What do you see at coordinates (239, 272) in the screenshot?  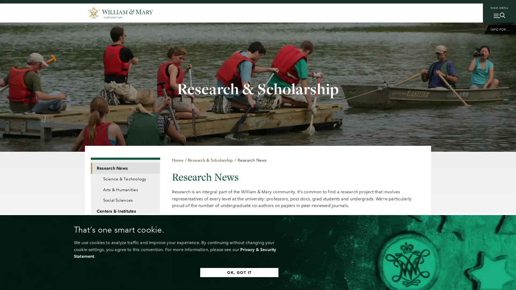 I see `OK, GOT IT` at bounding box center [239, 272].